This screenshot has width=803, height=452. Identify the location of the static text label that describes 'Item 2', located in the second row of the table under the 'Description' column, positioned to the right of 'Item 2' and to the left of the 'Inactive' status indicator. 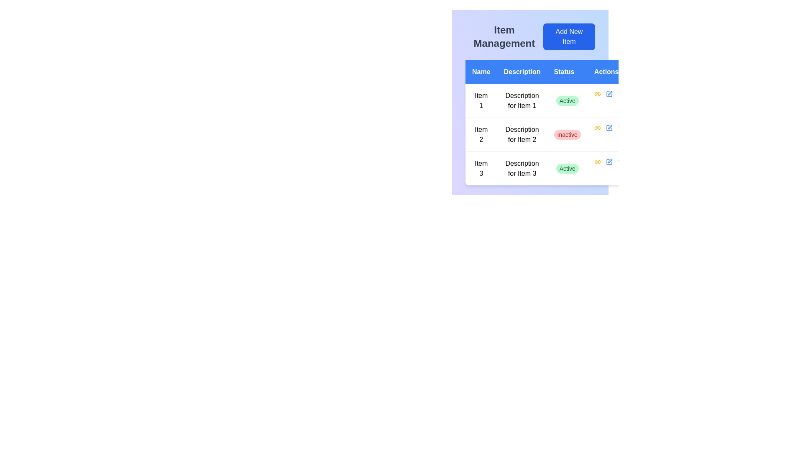
(522, 134).